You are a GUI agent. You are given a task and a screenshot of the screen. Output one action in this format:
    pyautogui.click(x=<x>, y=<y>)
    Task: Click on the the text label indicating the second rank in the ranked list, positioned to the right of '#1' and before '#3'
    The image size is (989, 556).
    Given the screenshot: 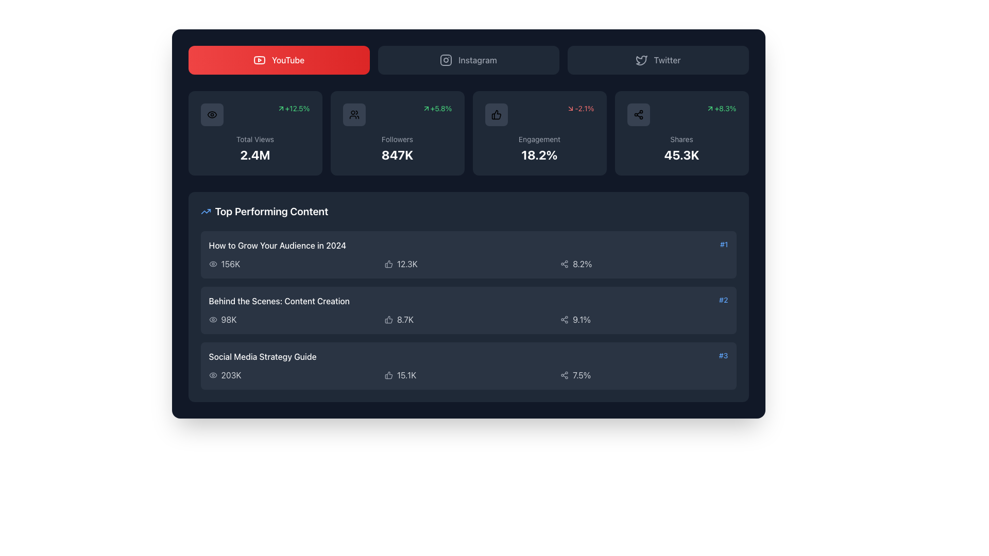 What is the action you would take?
    pyautogui.click(x=723, y=300)
    